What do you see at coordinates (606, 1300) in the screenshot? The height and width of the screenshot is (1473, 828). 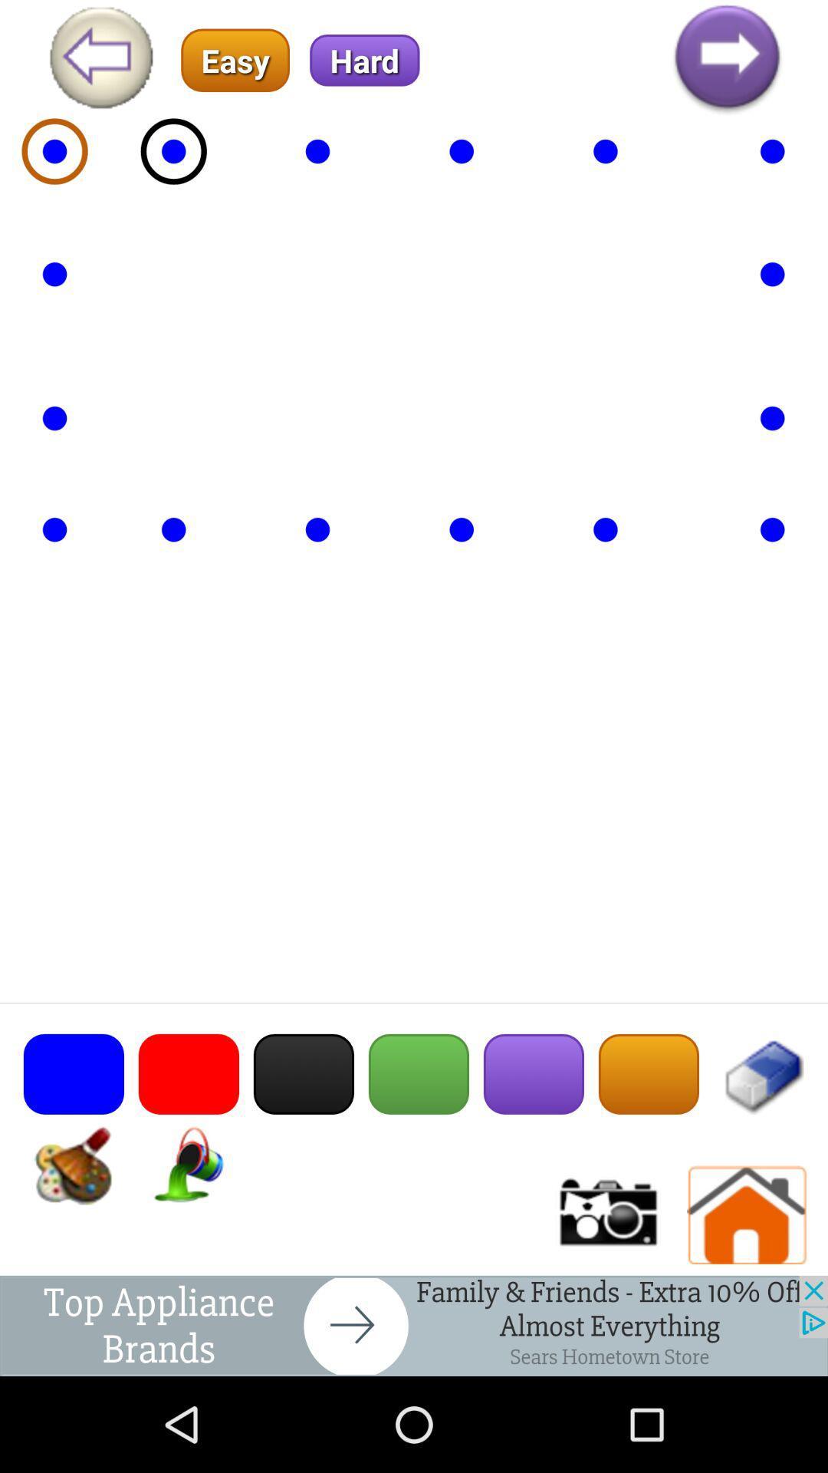 I see `the photo icon` at bounding box center [606, 1300].